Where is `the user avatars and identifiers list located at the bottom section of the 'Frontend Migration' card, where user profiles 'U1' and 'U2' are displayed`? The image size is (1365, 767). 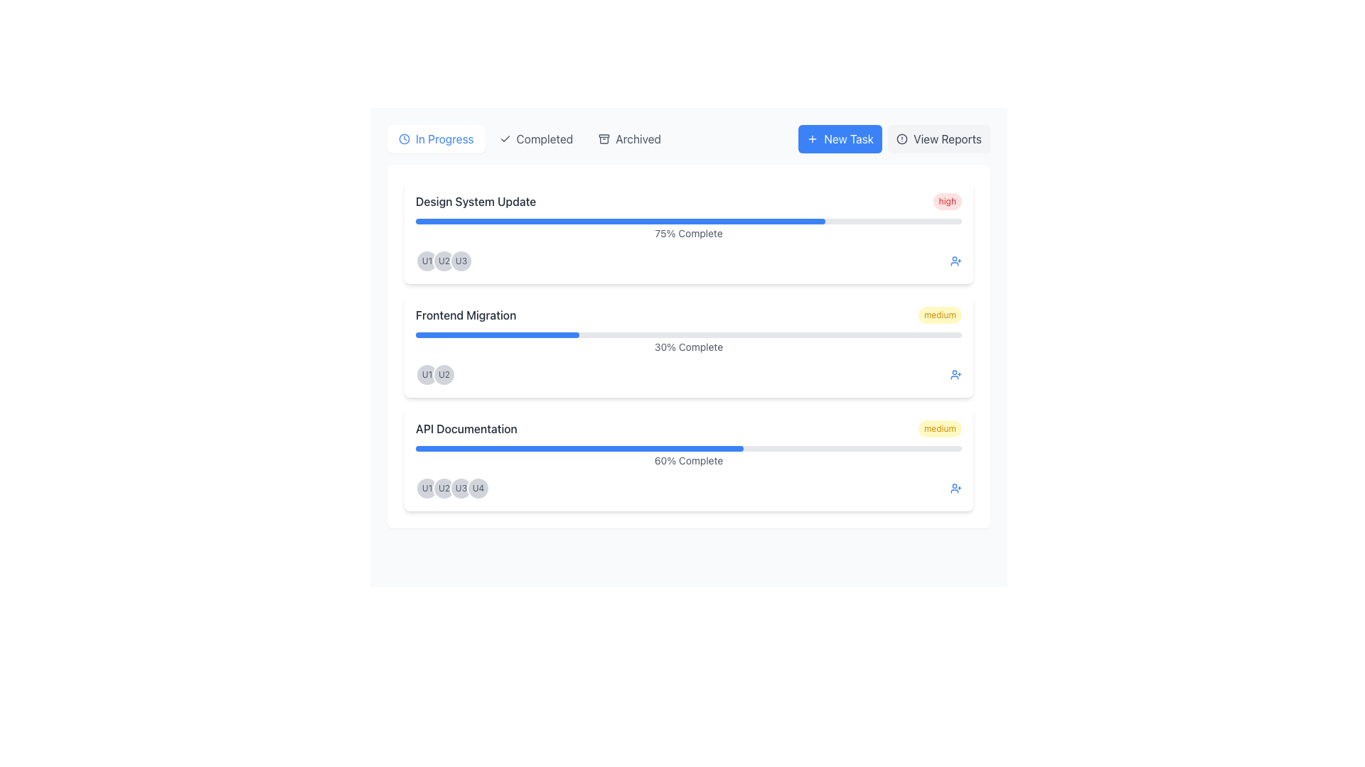
the user avatars and identifiers list located at the bottom section of the 'Frontend Migration' card, where user profiles 'U1' and 'U2' are displayed is located at coordinates (689, 374).